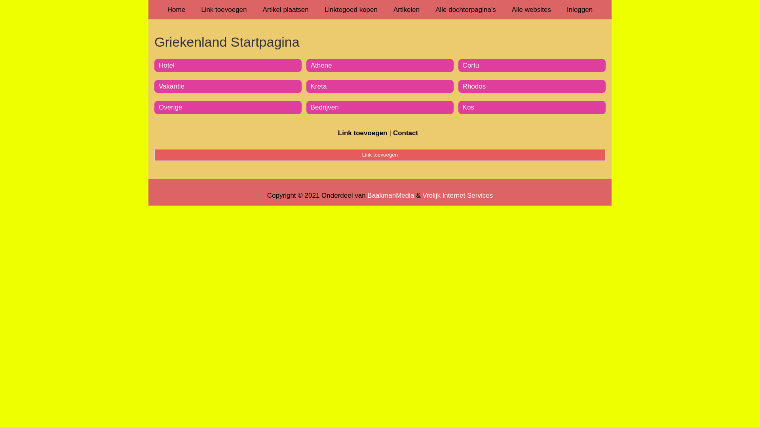  Describe the element at coordinates (171, 86) in the screenshot. I see `'Vakantie'` at that location.